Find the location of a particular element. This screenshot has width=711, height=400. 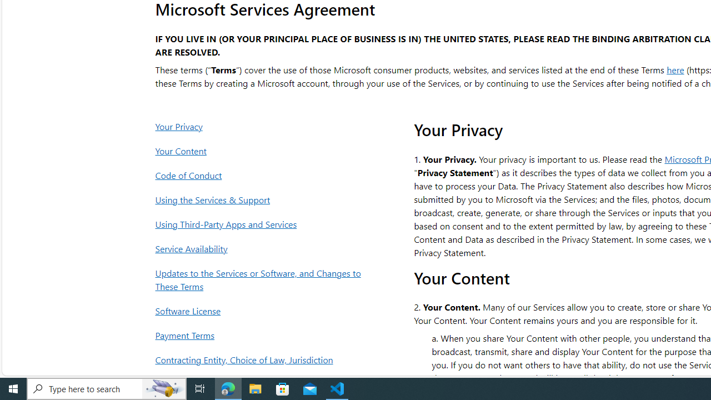

'Using the Services & Support' is located at coordinates (261, 199).